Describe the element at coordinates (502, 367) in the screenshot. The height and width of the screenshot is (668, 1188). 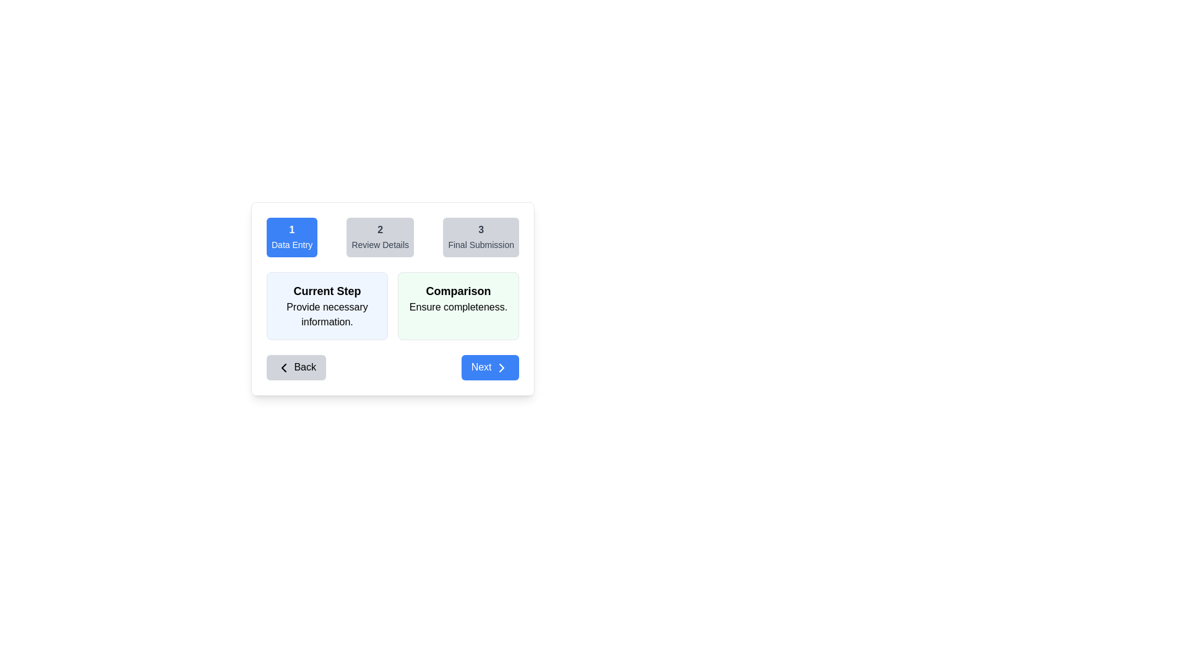
I see `the chevron icon located at the center of the 'Next' button in the bottom-right corner of the interface, which indicates navigation forward` at that location.